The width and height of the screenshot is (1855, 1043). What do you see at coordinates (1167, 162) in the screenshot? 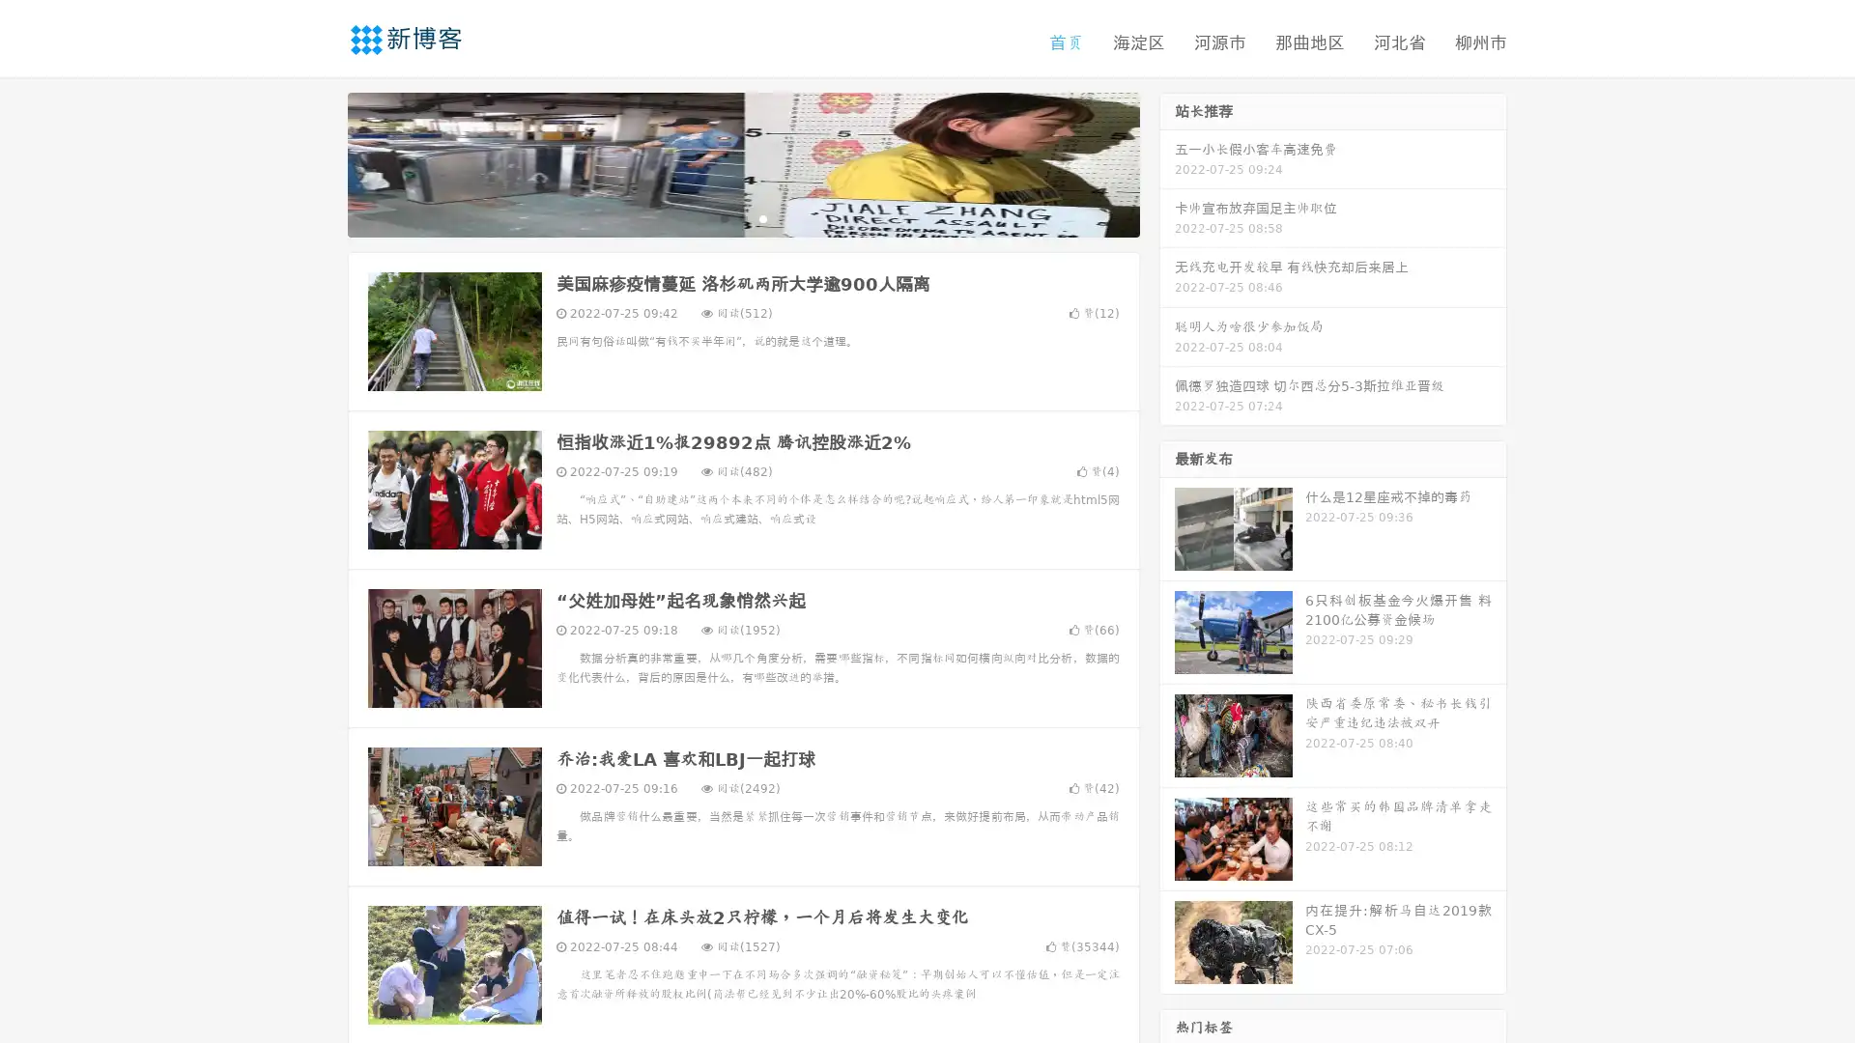
I see `Next slide` at bounding box center [1167, 162].